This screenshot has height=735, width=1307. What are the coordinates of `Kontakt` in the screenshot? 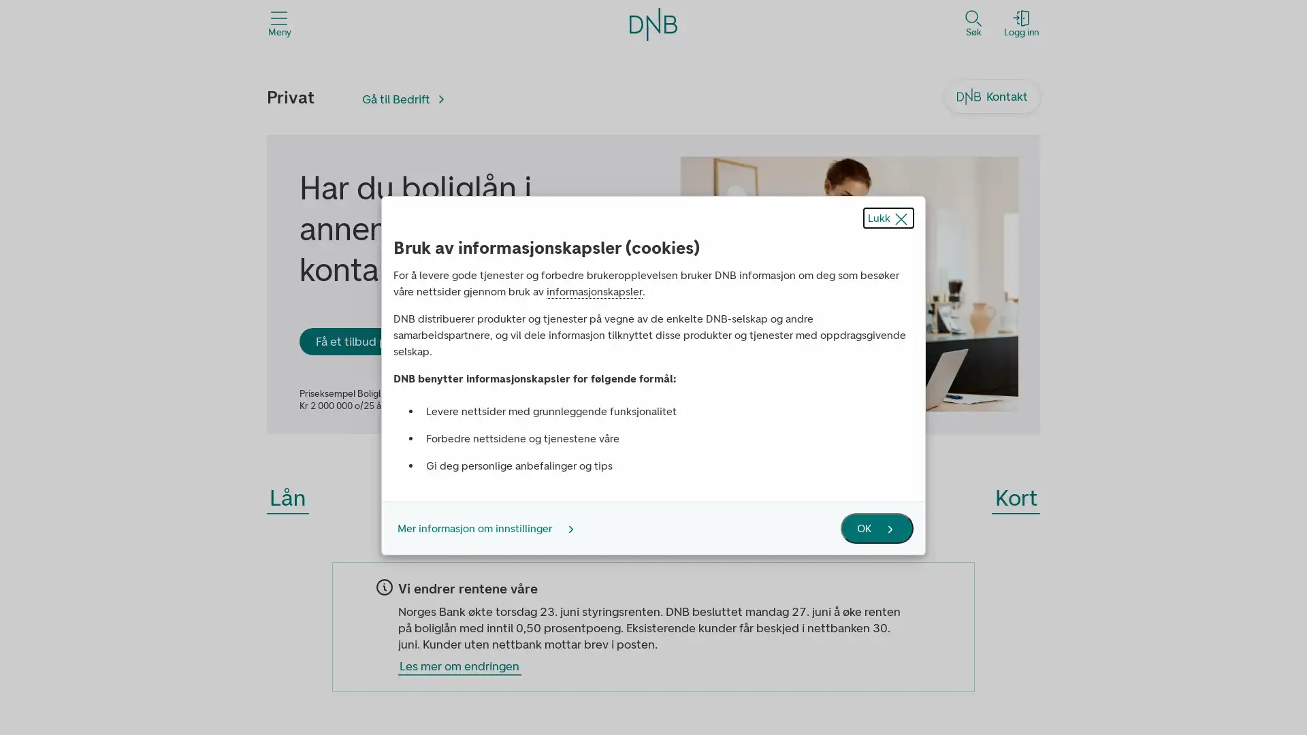 It's located at (993, 96).